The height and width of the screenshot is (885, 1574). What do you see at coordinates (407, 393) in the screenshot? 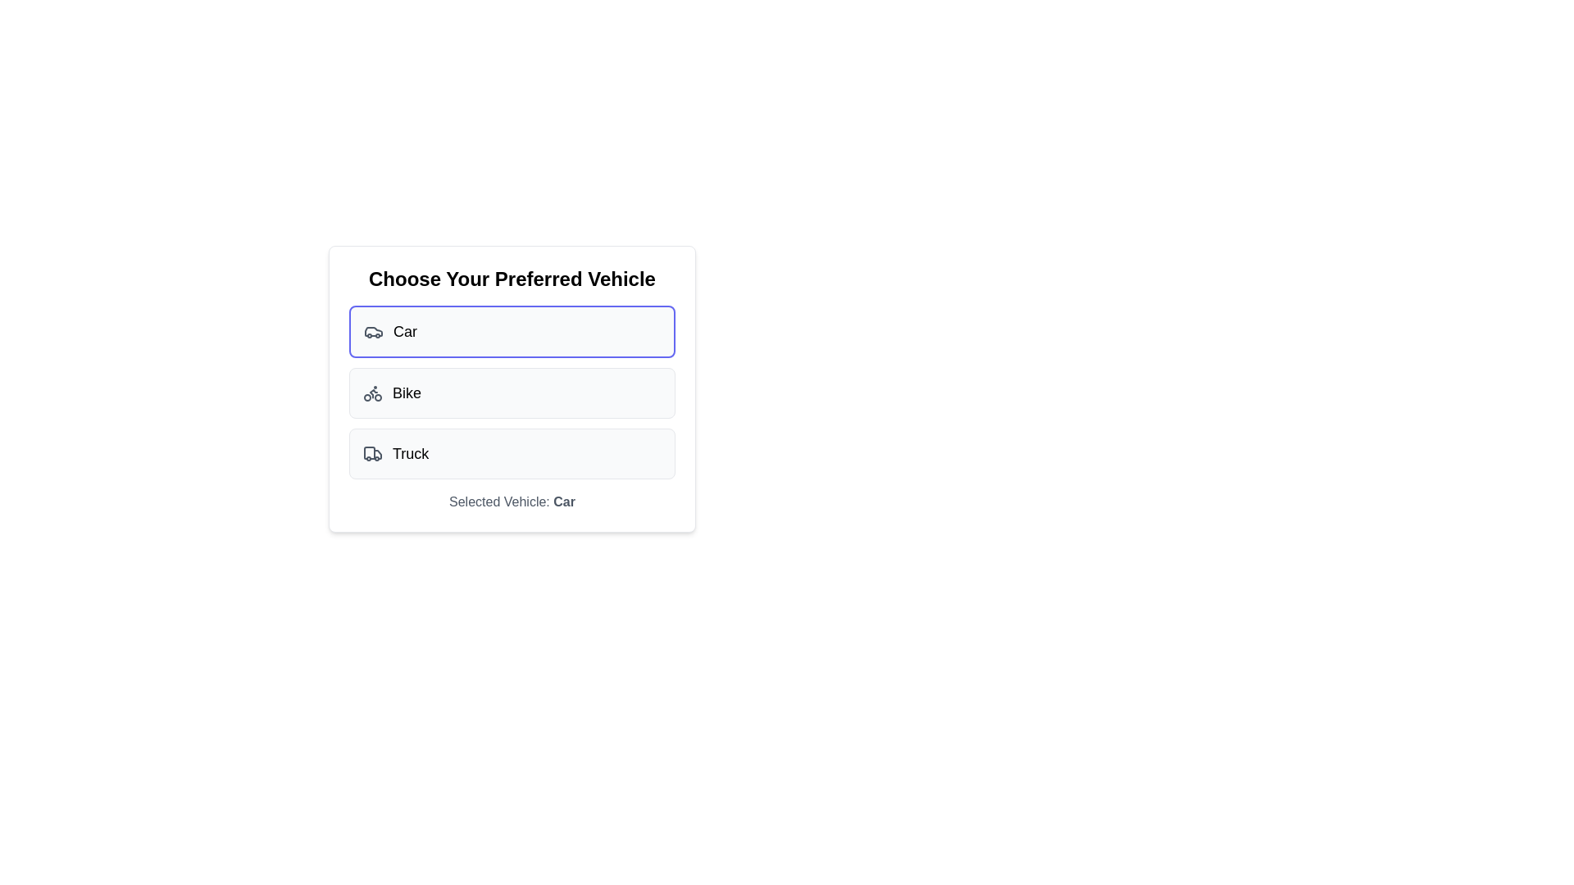
I see `the 'Bike' text label in the selection menu, which is located between the 'Car' and 'Truck' options` at bounding box center [407, 393].